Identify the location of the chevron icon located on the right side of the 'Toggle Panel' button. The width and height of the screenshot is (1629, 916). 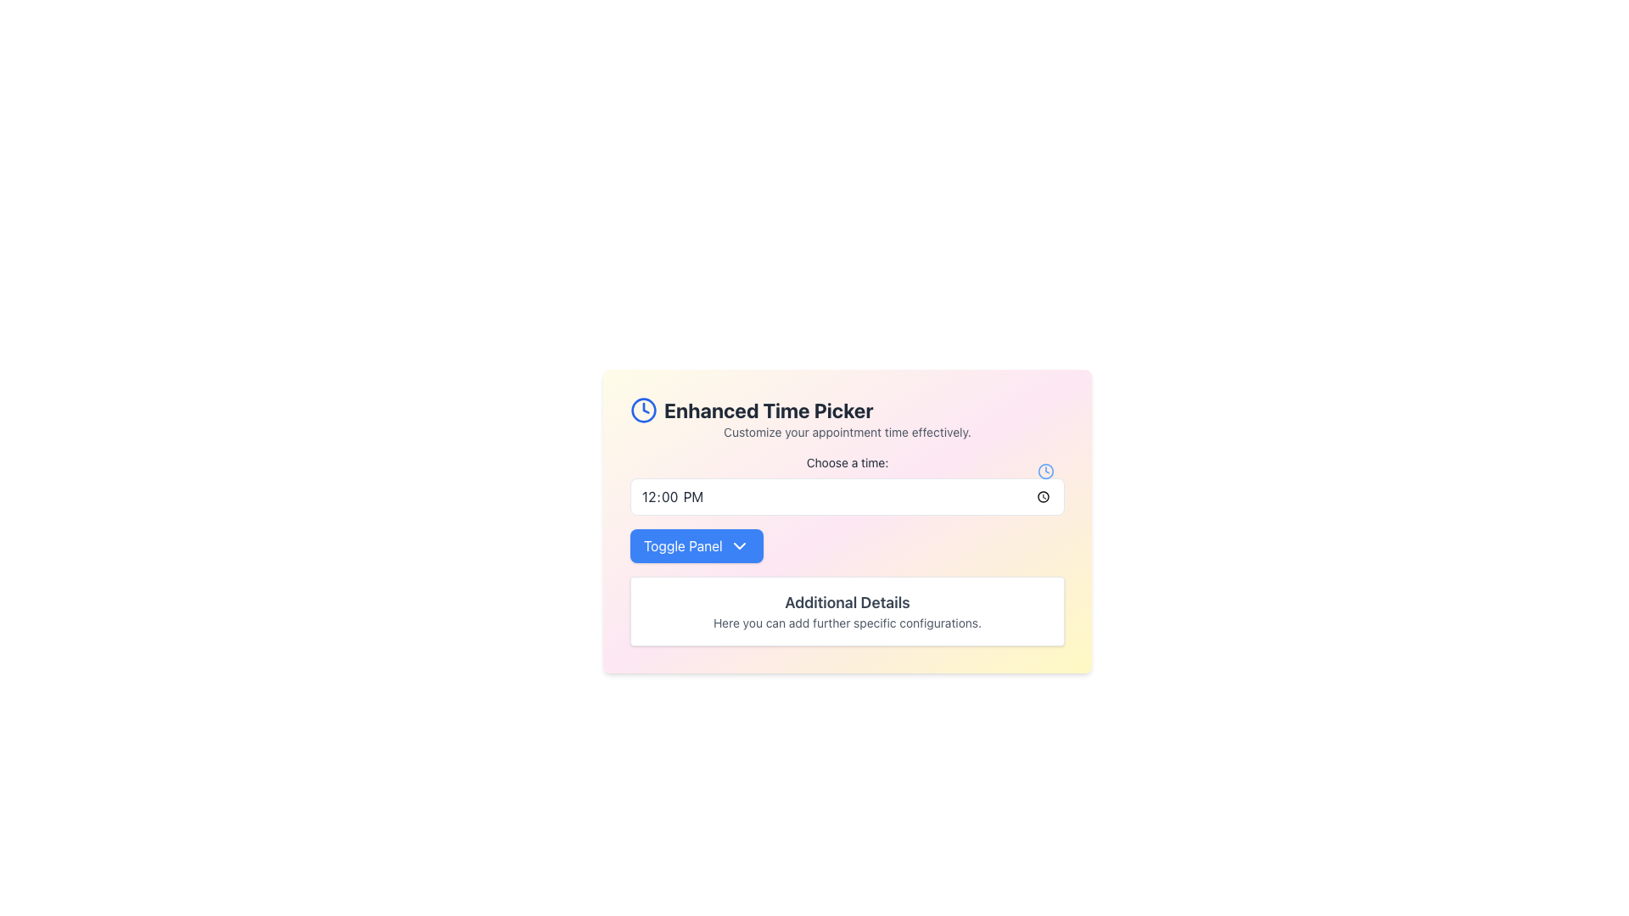
(739, 546).